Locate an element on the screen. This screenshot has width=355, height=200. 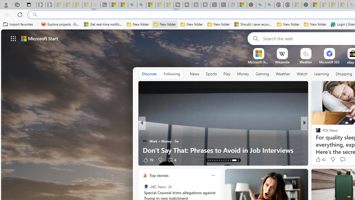
'Work + Money' is located at coordinates (145, 141).